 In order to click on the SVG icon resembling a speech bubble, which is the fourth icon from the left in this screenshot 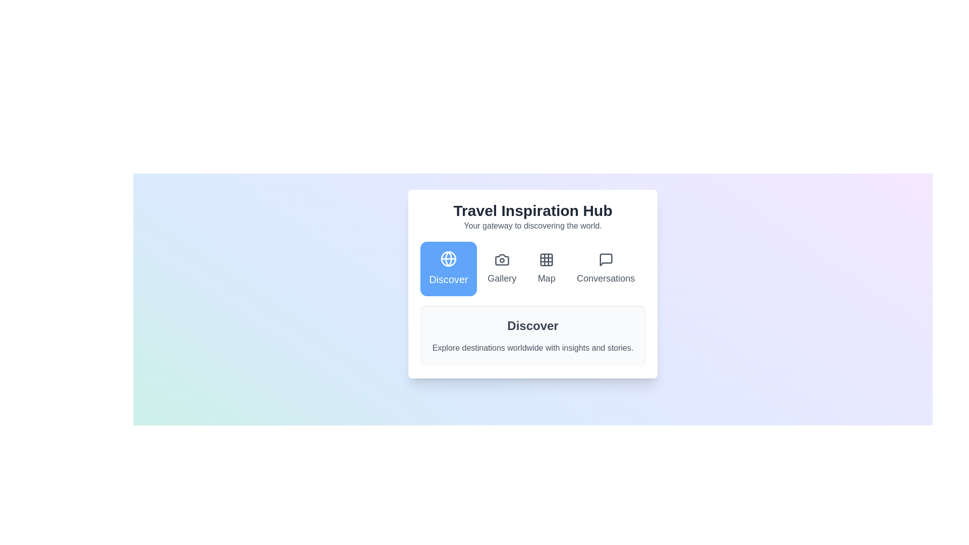, I will do `click(606, 259)`.